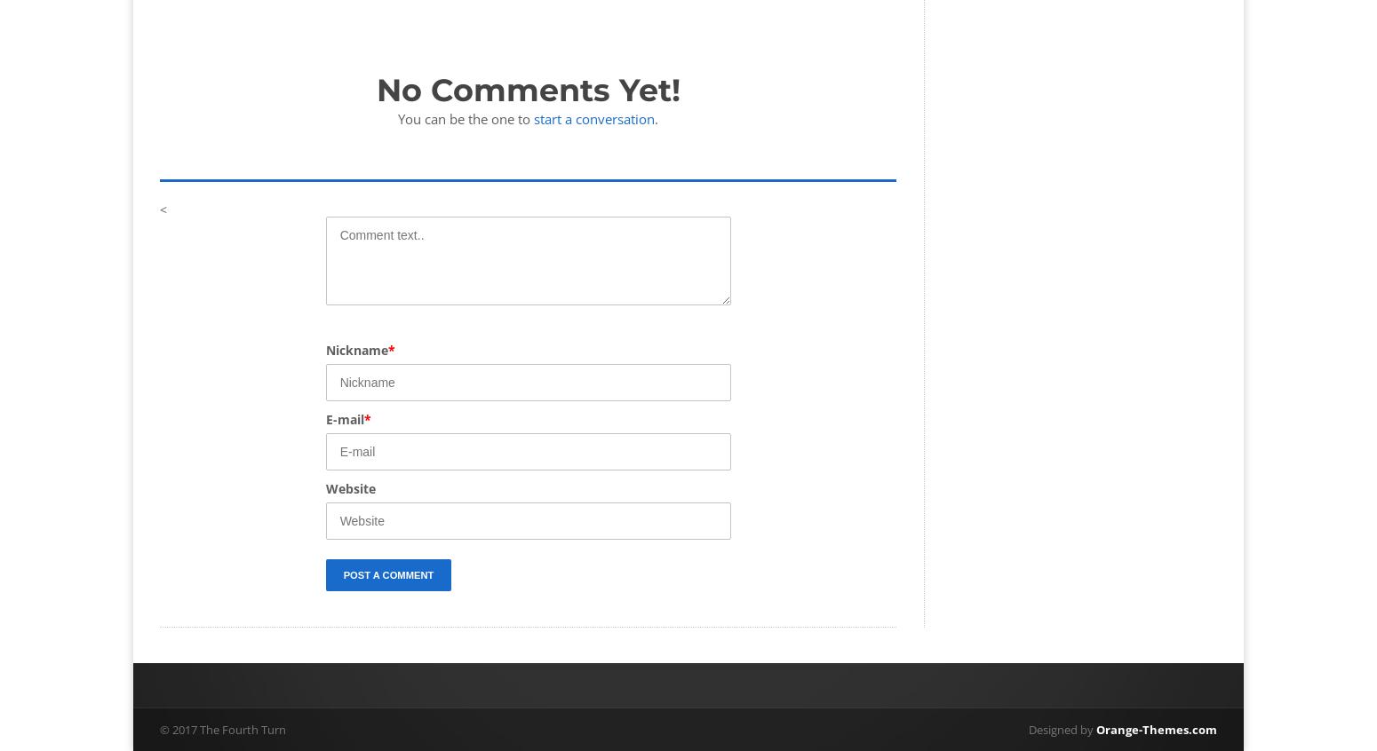  Describe the element at coordinates (655, 119) in the screenshot. I see `'.'` at that location.